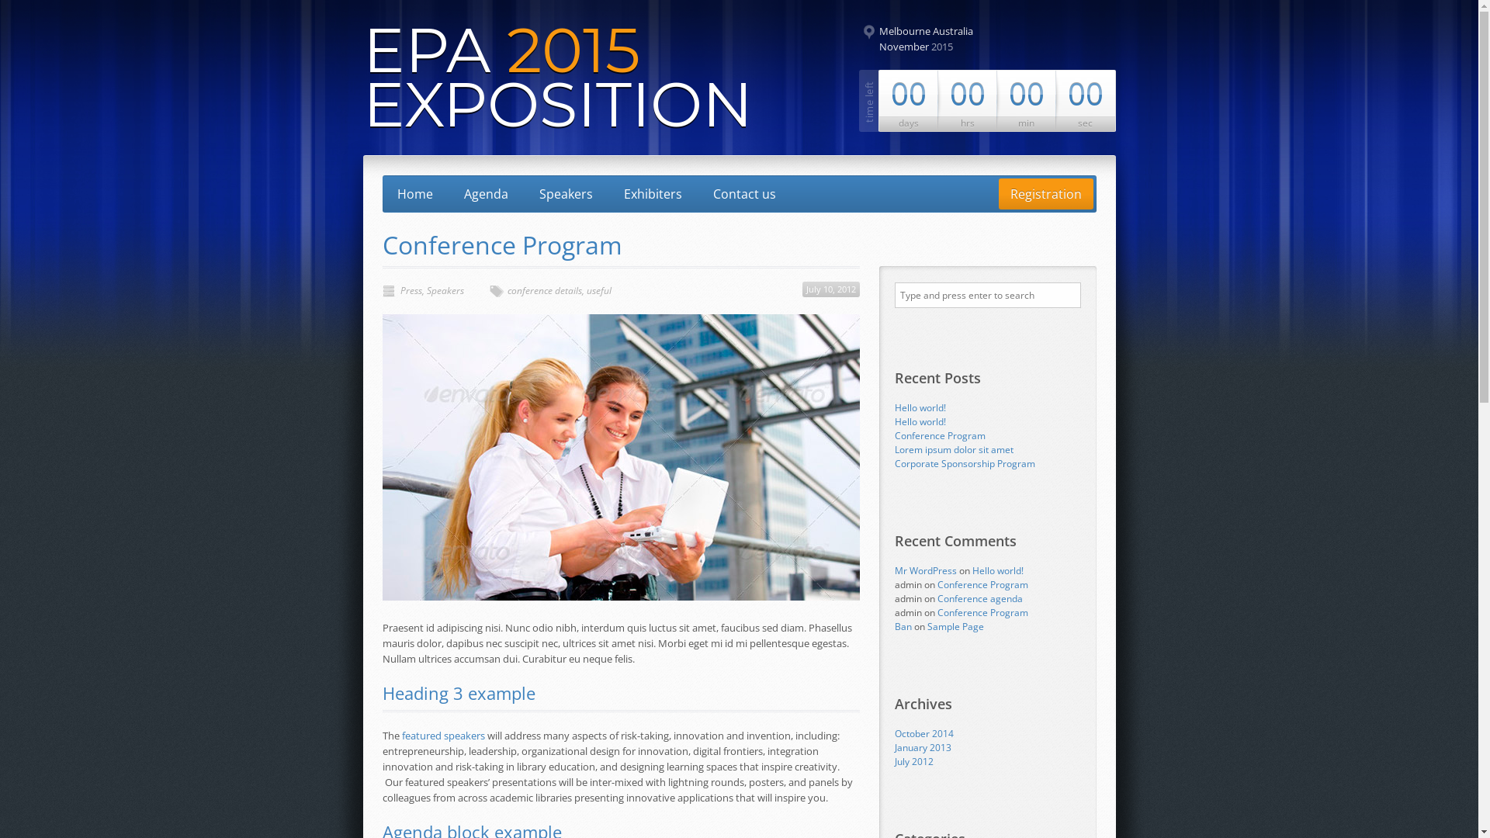 Image resolution: width=1490 pixels, height=838 pixels. I want to click on 'Speakers', so click(565, 193).